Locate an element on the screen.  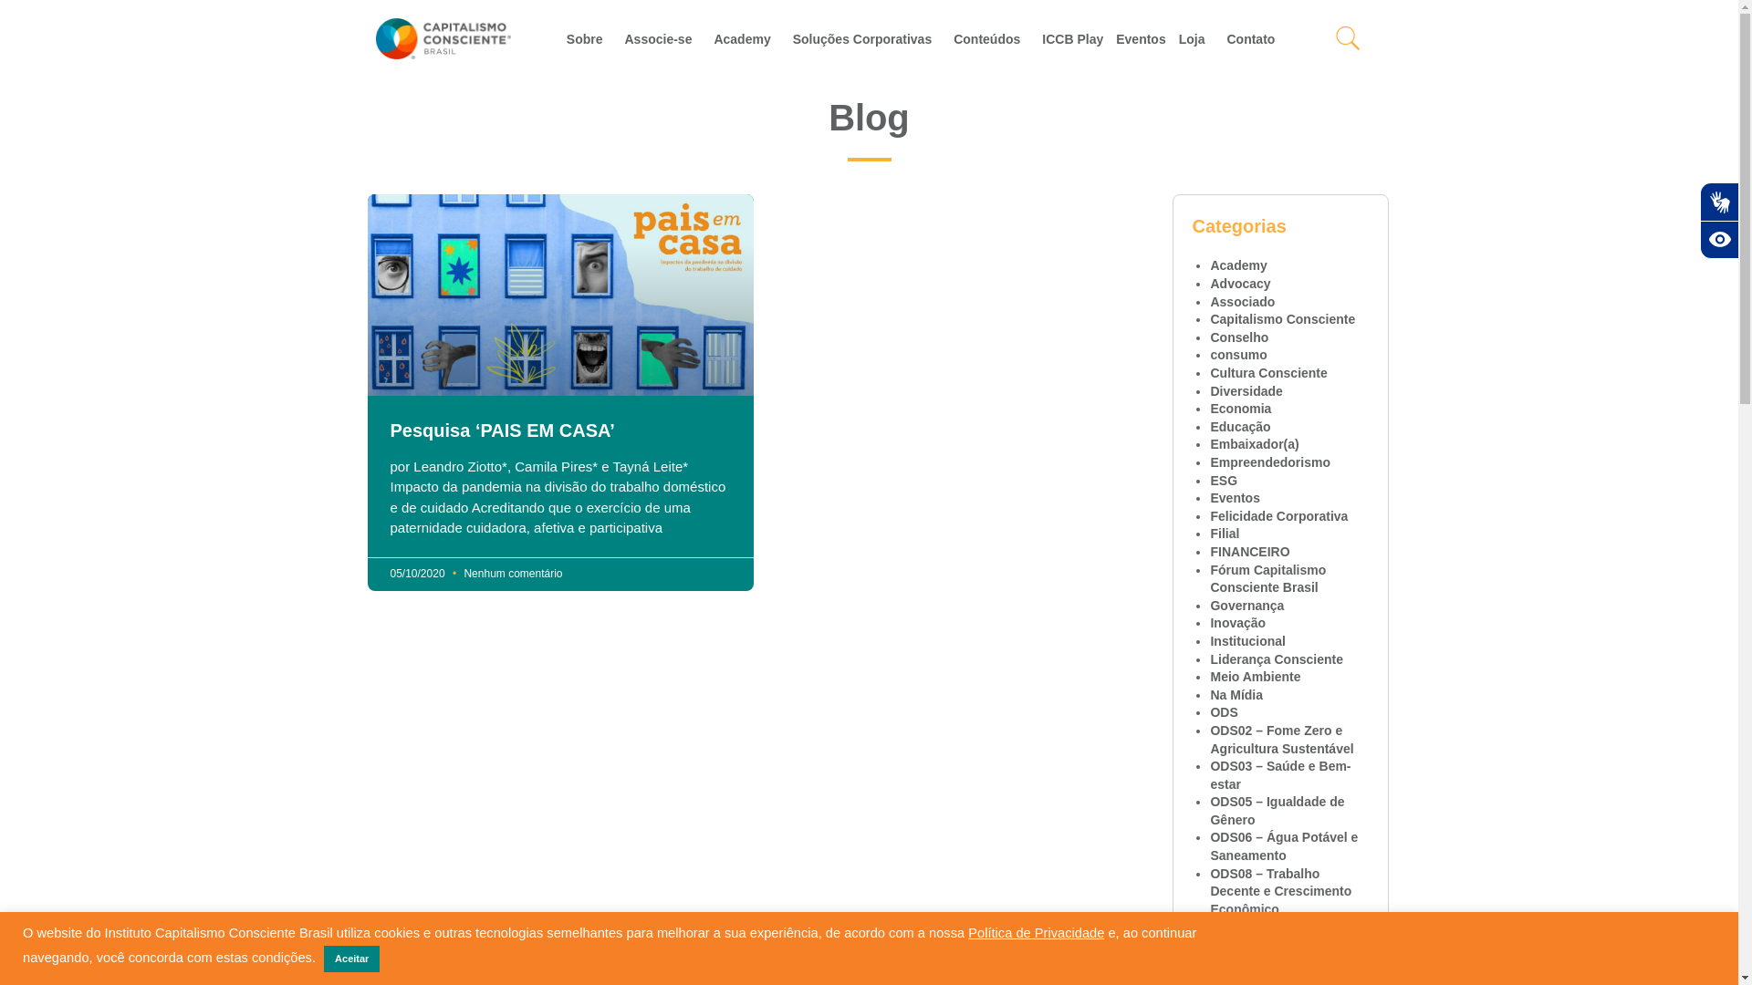
'Advocacy' is located at coordinates (1239, 284).